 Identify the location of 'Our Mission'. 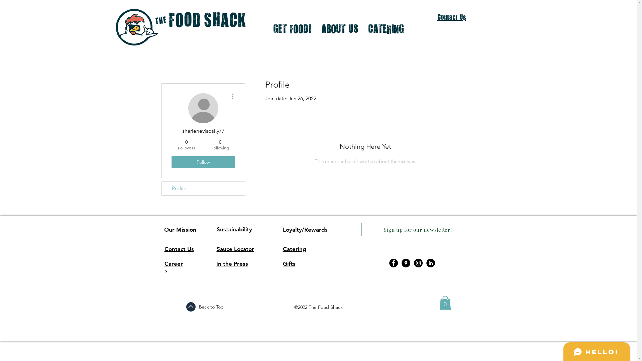
(180, 229).